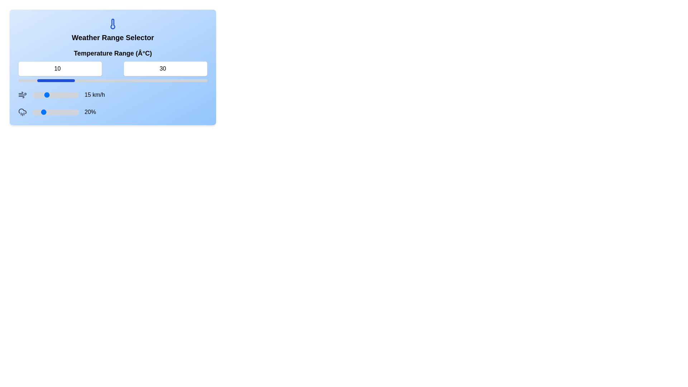 The width and height of the screenshot is (688, 387). Describe the element at coordinates (77, 95) in the screenshot. I see `the speed` at that location.